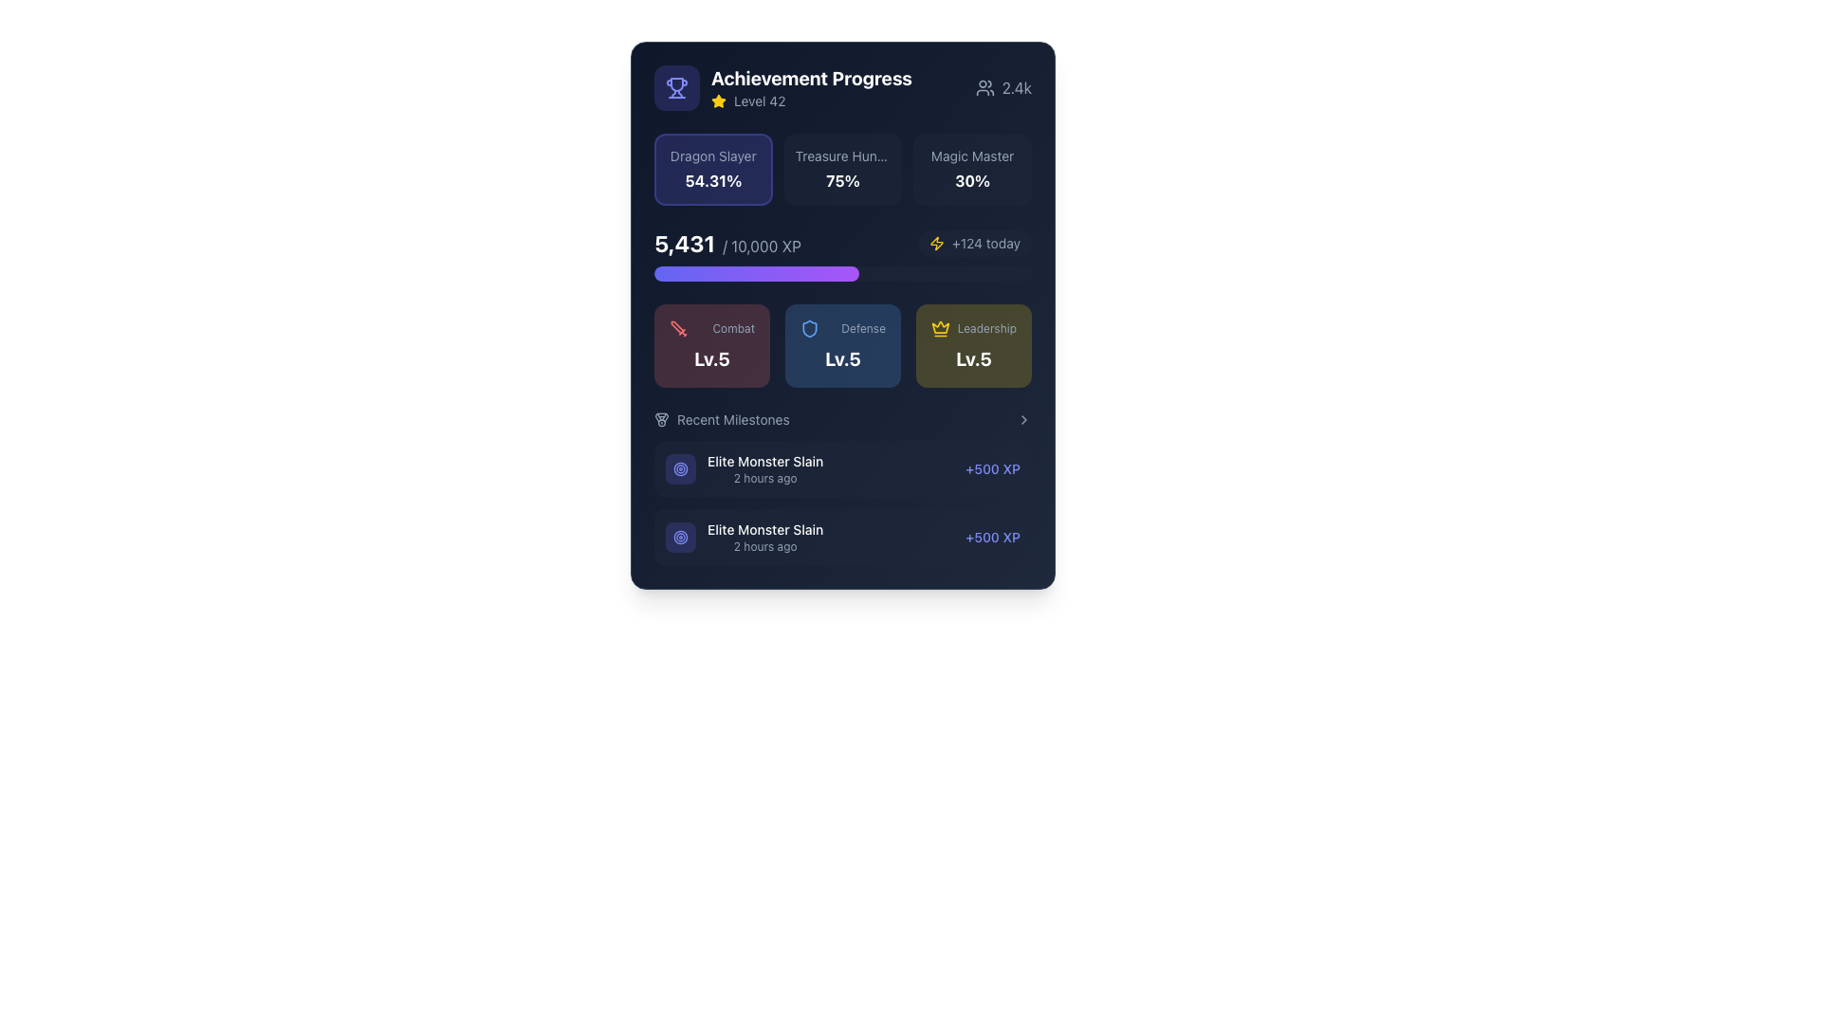 Image resolution: width=1821 pixels, height=1024 pixels. I want to click on the text label displaying 'Recent Milestones', so click(732, 419).